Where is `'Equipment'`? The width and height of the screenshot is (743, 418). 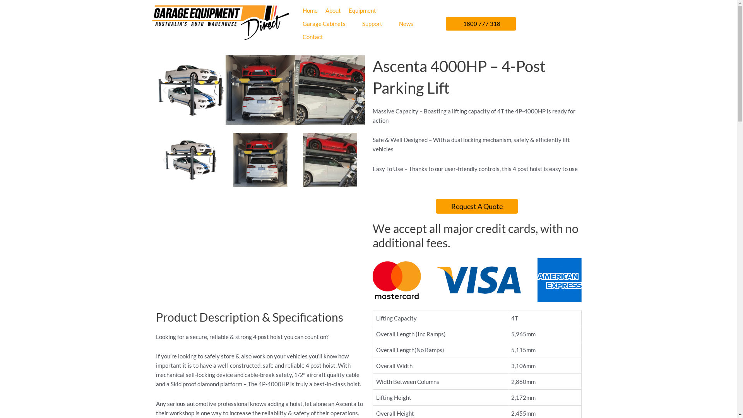 'Equipment' is located at coordinates (362, 10).